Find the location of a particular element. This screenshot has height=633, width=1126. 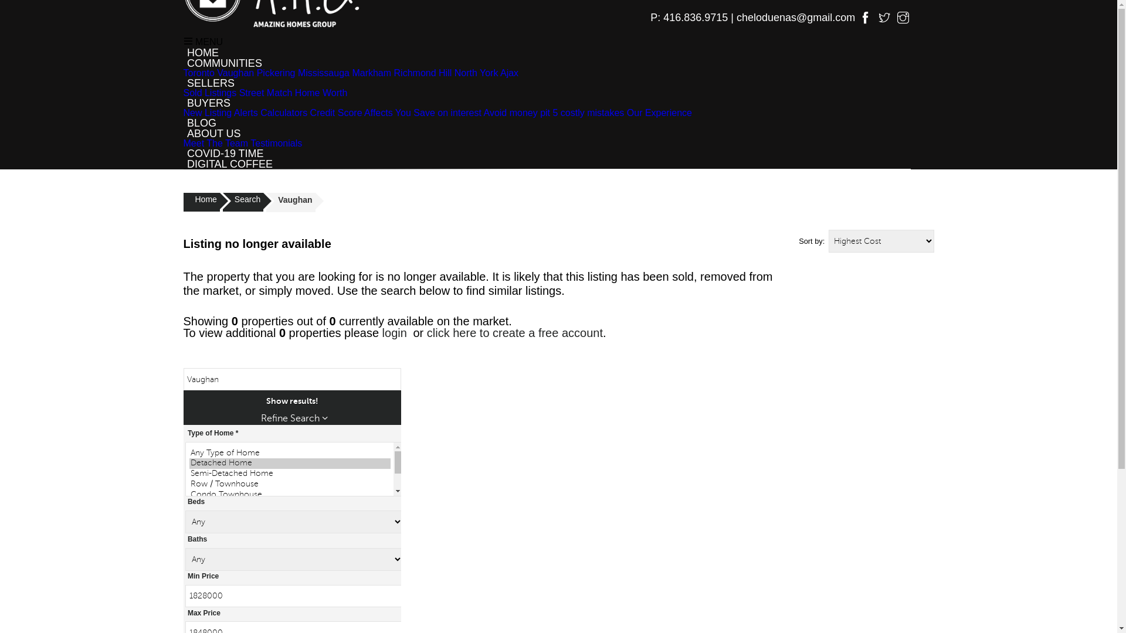

'Markham' is located at coordinates (371, 73).